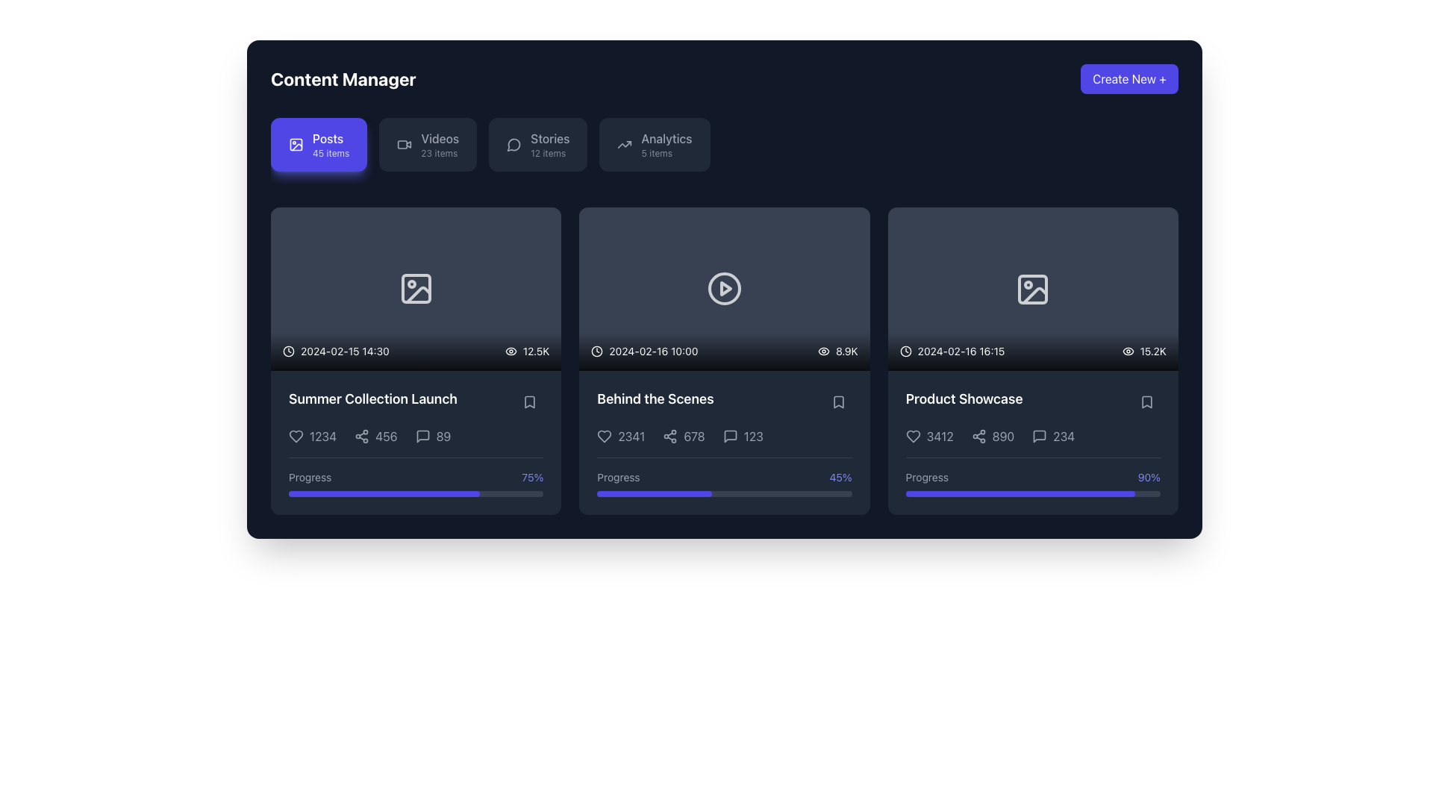 The width and height of the screenshot is (1433, 806). I want to click on the Interactive statistics display located in the lower half of the leftmost content card under the title 'Summer Collection Launch', so click(416, 436).